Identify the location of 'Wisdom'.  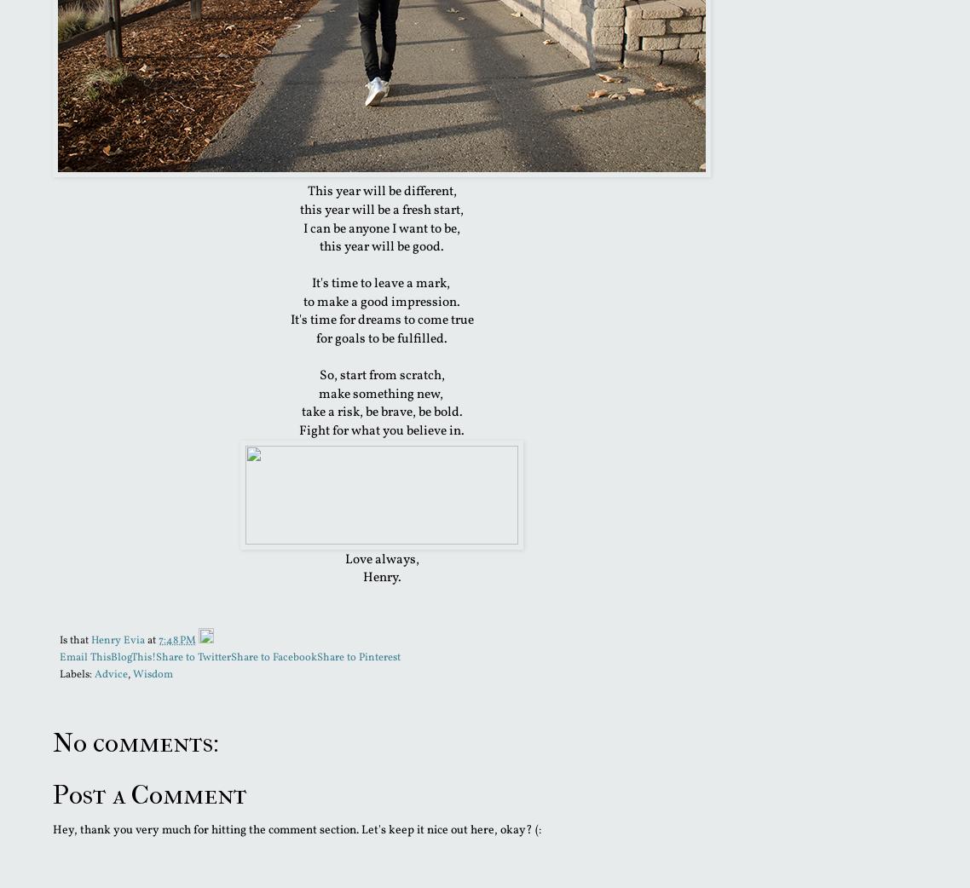
(152, 673).